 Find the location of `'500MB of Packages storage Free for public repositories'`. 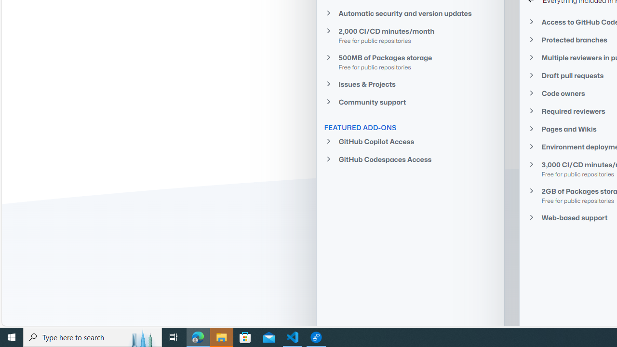

'500MB of Packages storage Free for public repositories' is located at coordinates (410, 62).